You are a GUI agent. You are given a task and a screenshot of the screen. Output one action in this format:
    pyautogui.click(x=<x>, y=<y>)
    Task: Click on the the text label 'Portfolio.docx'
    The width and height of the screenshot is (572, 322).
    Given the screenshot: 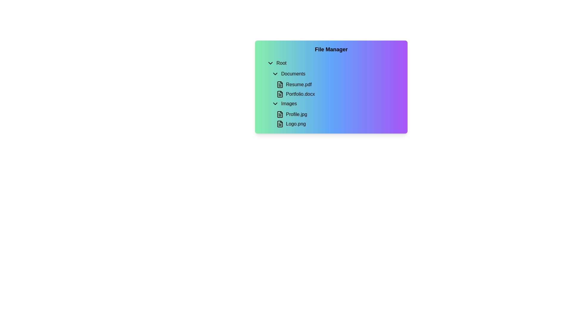 What is the action you would take?
    pyautogui.click(x=300, y=94)
    